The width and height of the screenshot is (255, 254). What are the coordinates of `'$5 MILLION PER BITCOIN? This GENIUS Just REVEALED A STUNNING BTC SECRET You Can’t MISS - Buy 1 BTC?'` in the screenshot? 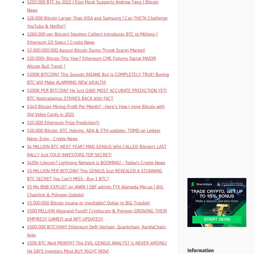 It's located at (94, 175).